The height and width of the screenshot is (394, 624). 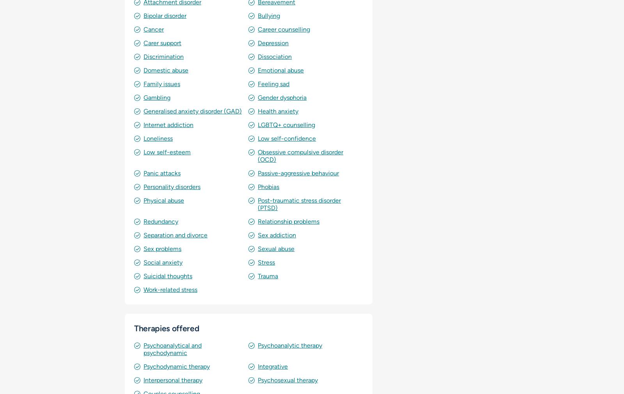 I want to click on 'Depression', so click(x=257, y=42).